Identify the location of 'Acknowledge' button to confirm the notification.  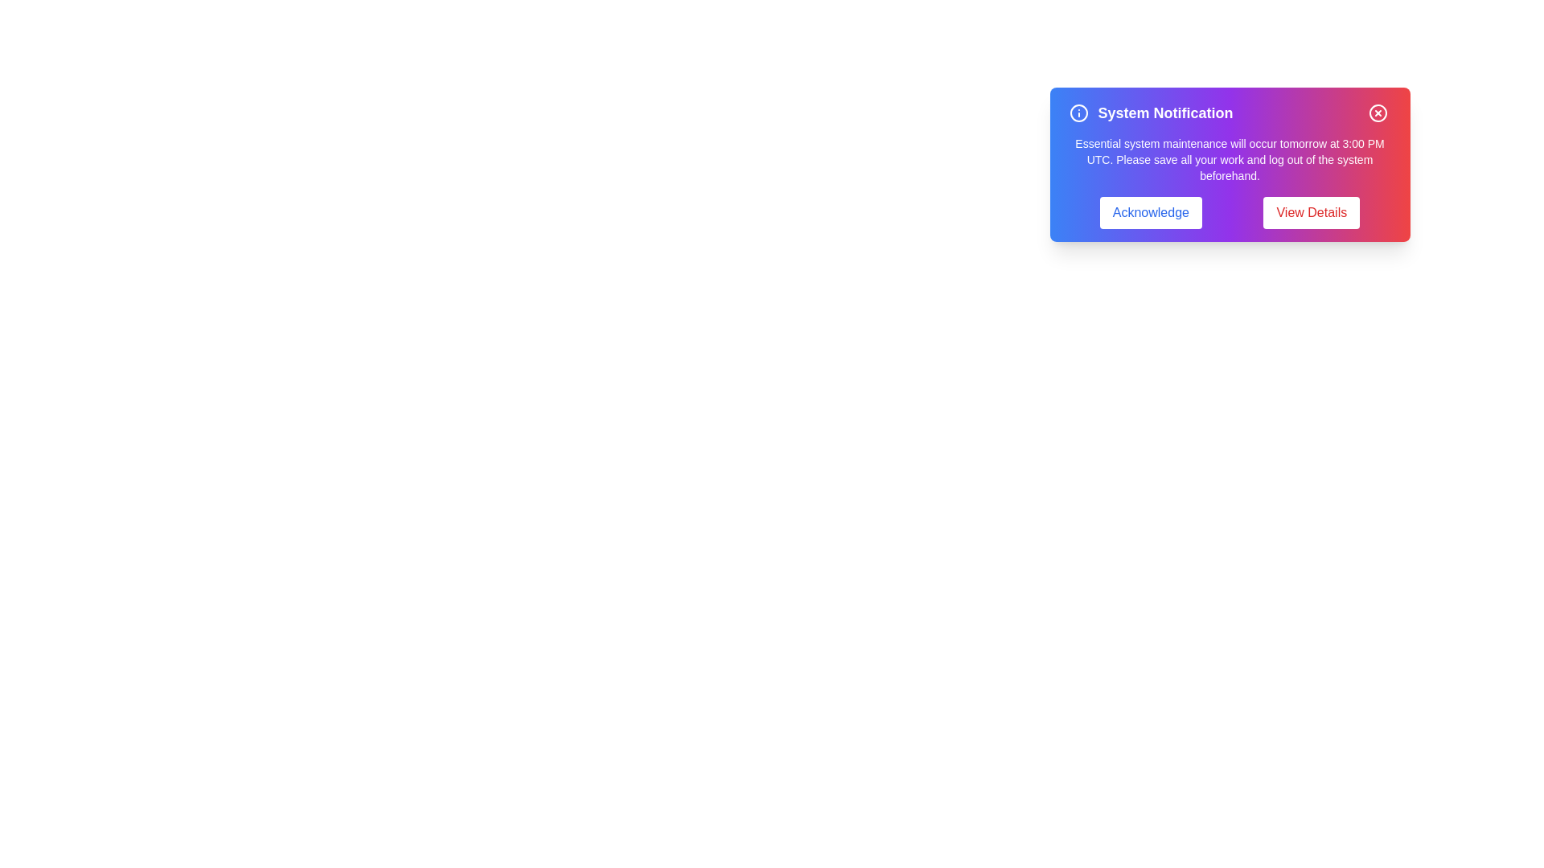
(1149, 212).